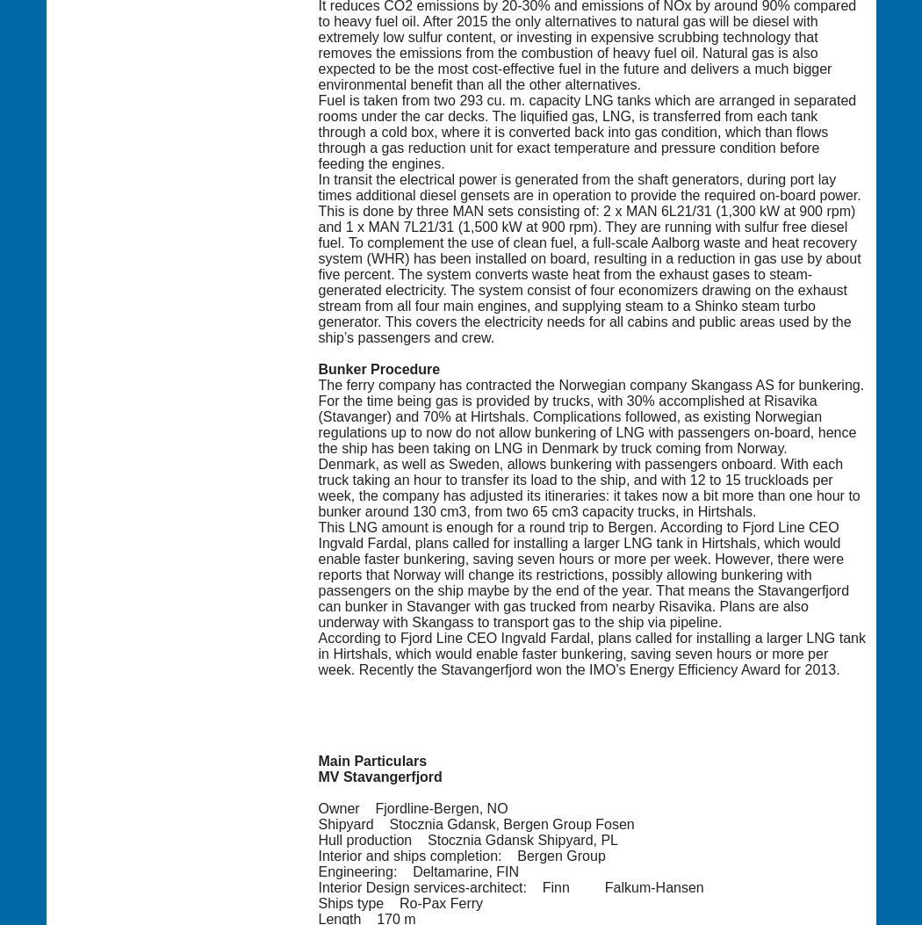  What do you see at coordinates (378, 368) in the screenshot?
I see `'Bunker Procedure'` at bounding box center [378, 368].